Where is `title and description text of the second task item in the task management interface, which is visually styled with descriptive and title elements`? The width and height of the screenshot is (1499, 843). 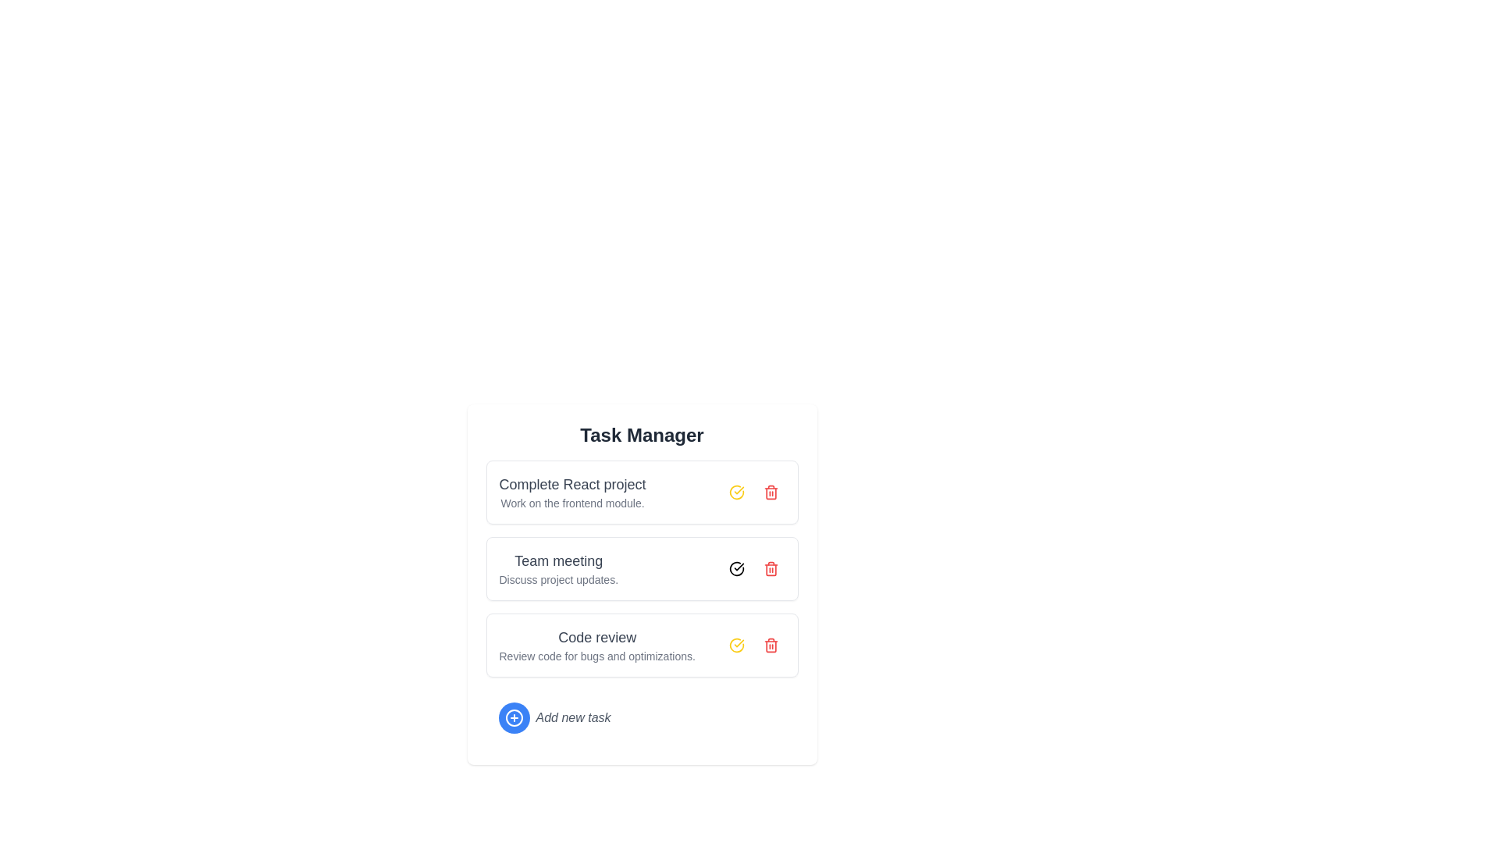
title and description text of the second task item in the task management interface, which is visually styled with descriptive and title elements is located at coordinates (558, 569).